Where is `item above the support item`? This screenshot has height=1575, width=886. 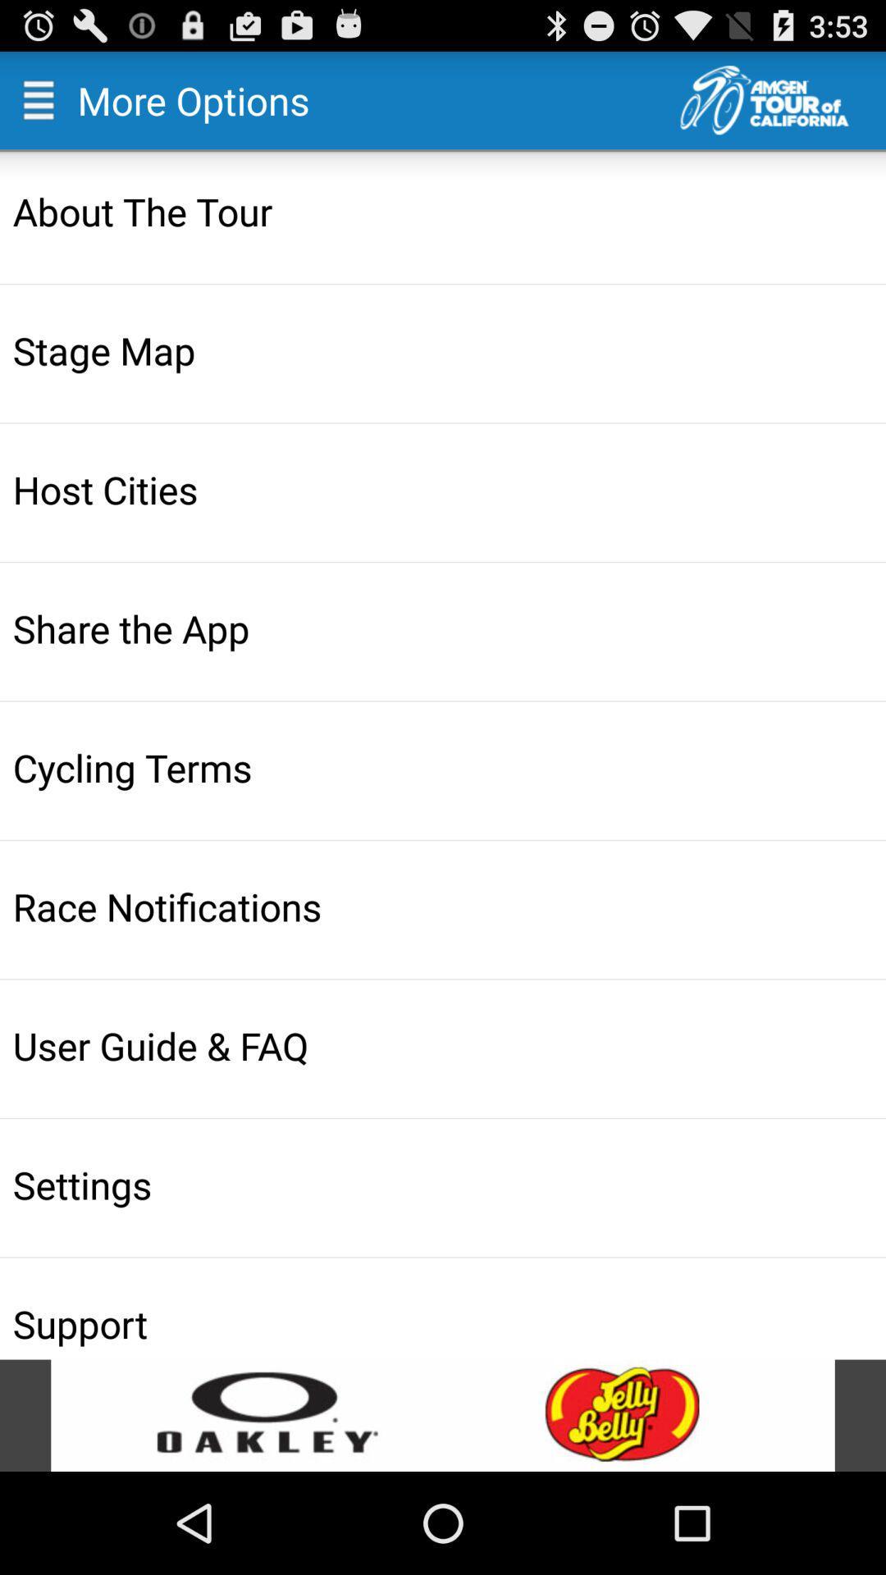
item above the support item is located at coordinates (445, 1185).